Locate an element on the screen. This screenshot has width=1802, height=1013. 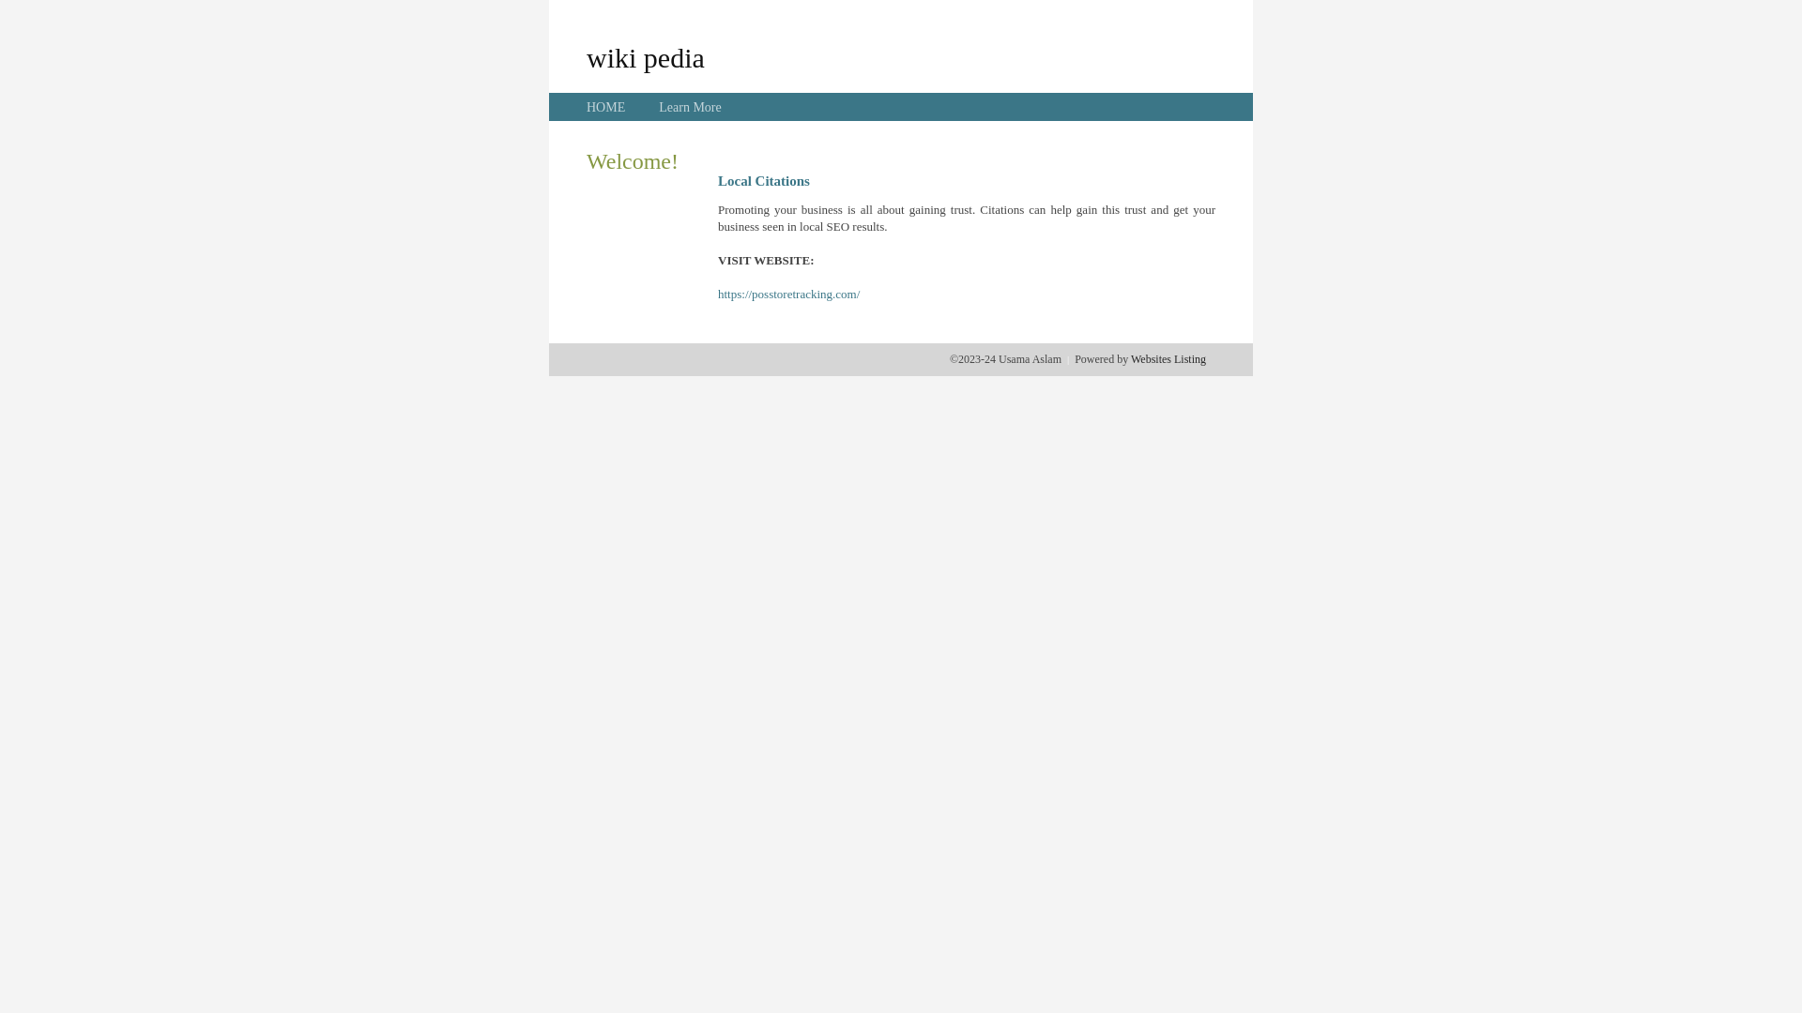
'wiki pedia' is located at coordinates (645, 56).